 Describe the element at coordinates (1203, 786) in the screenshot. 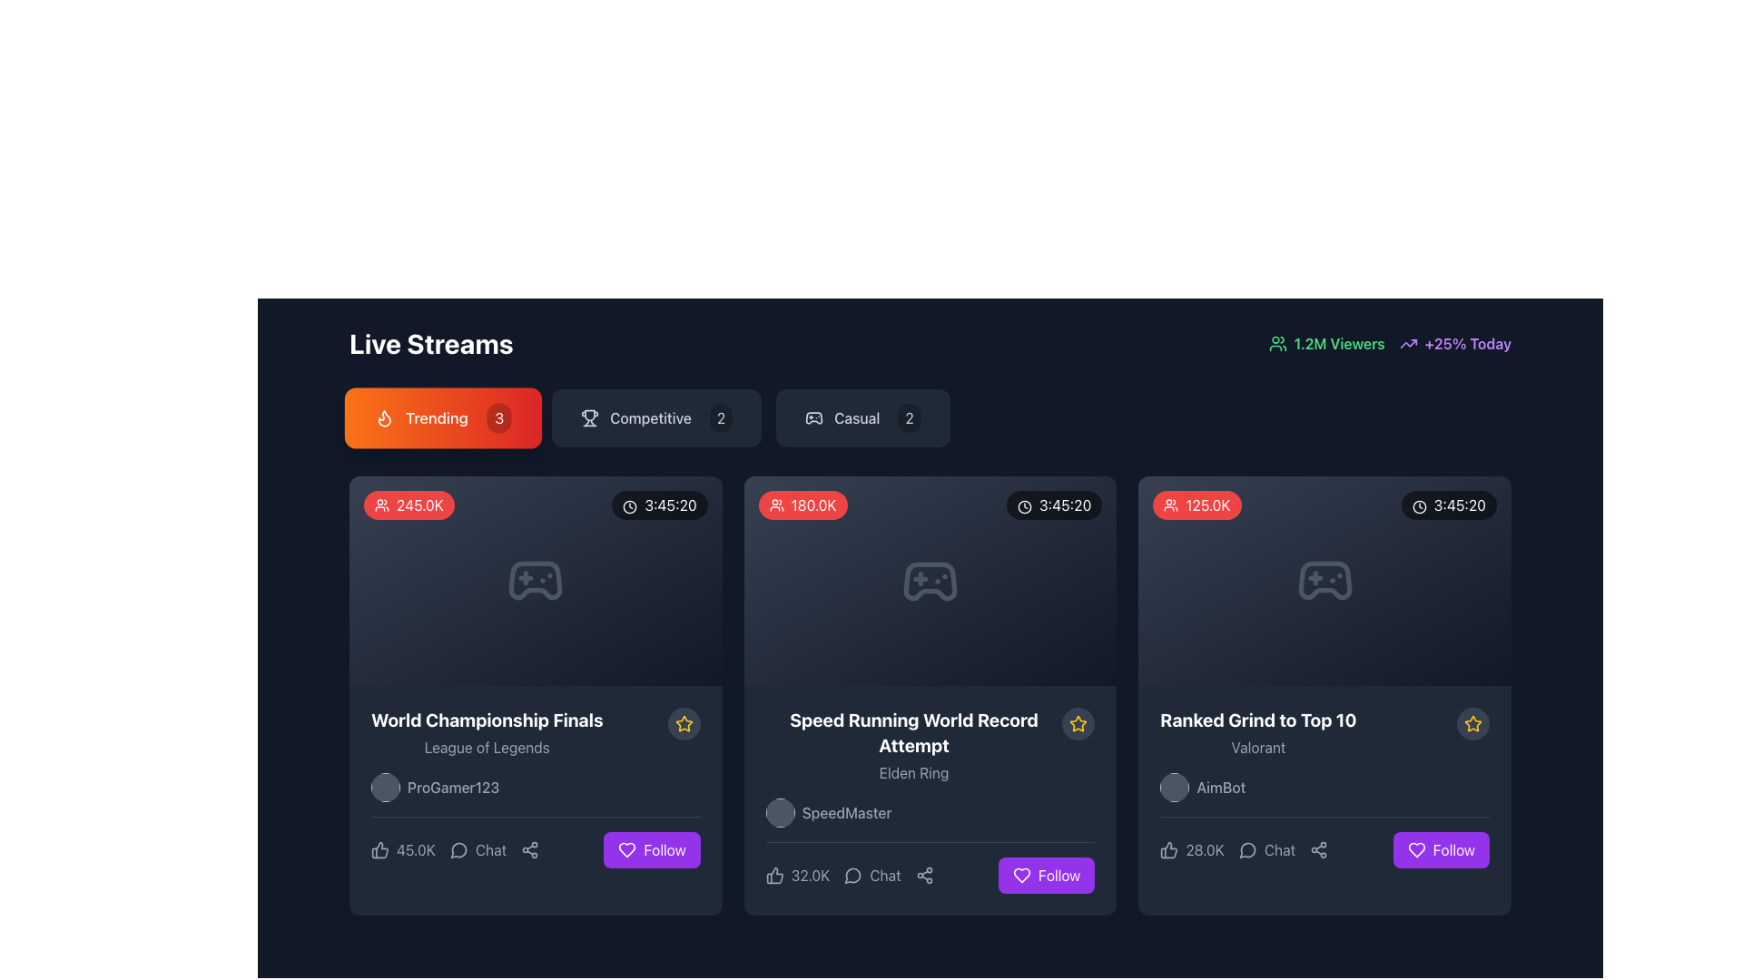

I see `the username 'AimBot' which is represented by a circular avatar with a gray background and is positioned in the bottom section of the third card in the live streams grid` at that location.